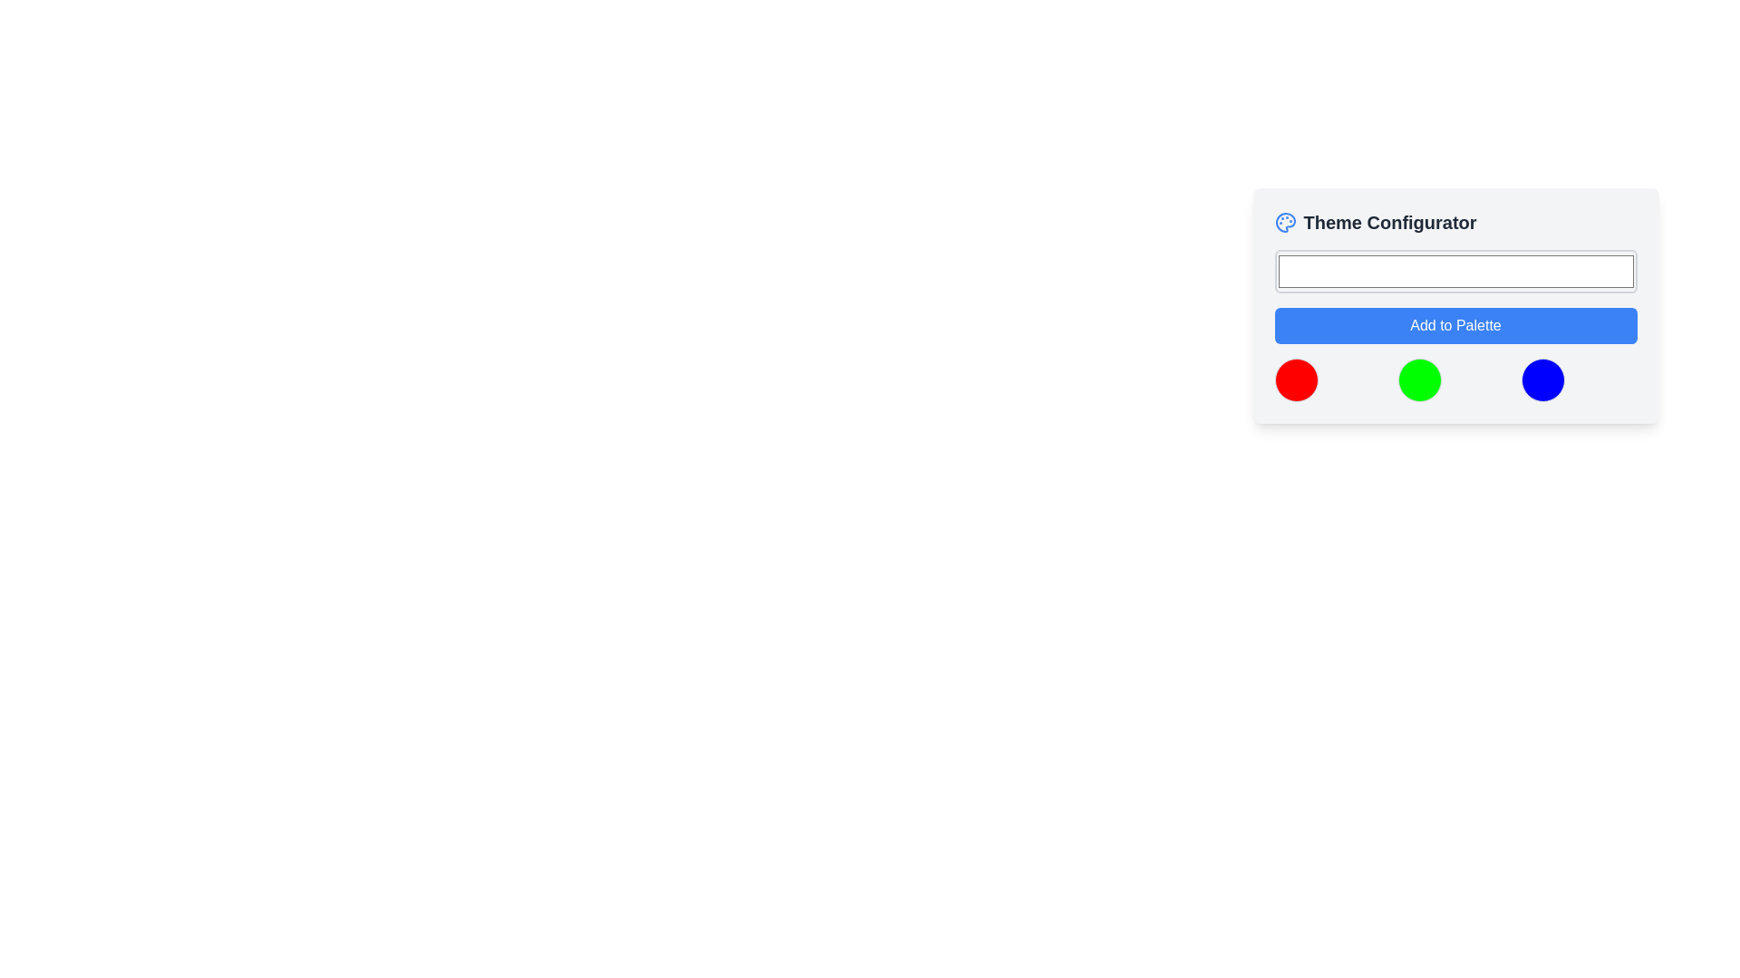 The image size is (1740, 978). Describe the element at coordinates (1455, 272) in the screenshot. I see `a color by clicking on the Color Picker Input Field, which is a rectangular input field with a gray rounded border and a blue focused outline when active, positioned below the 'Theme Configurator' text` at that location.